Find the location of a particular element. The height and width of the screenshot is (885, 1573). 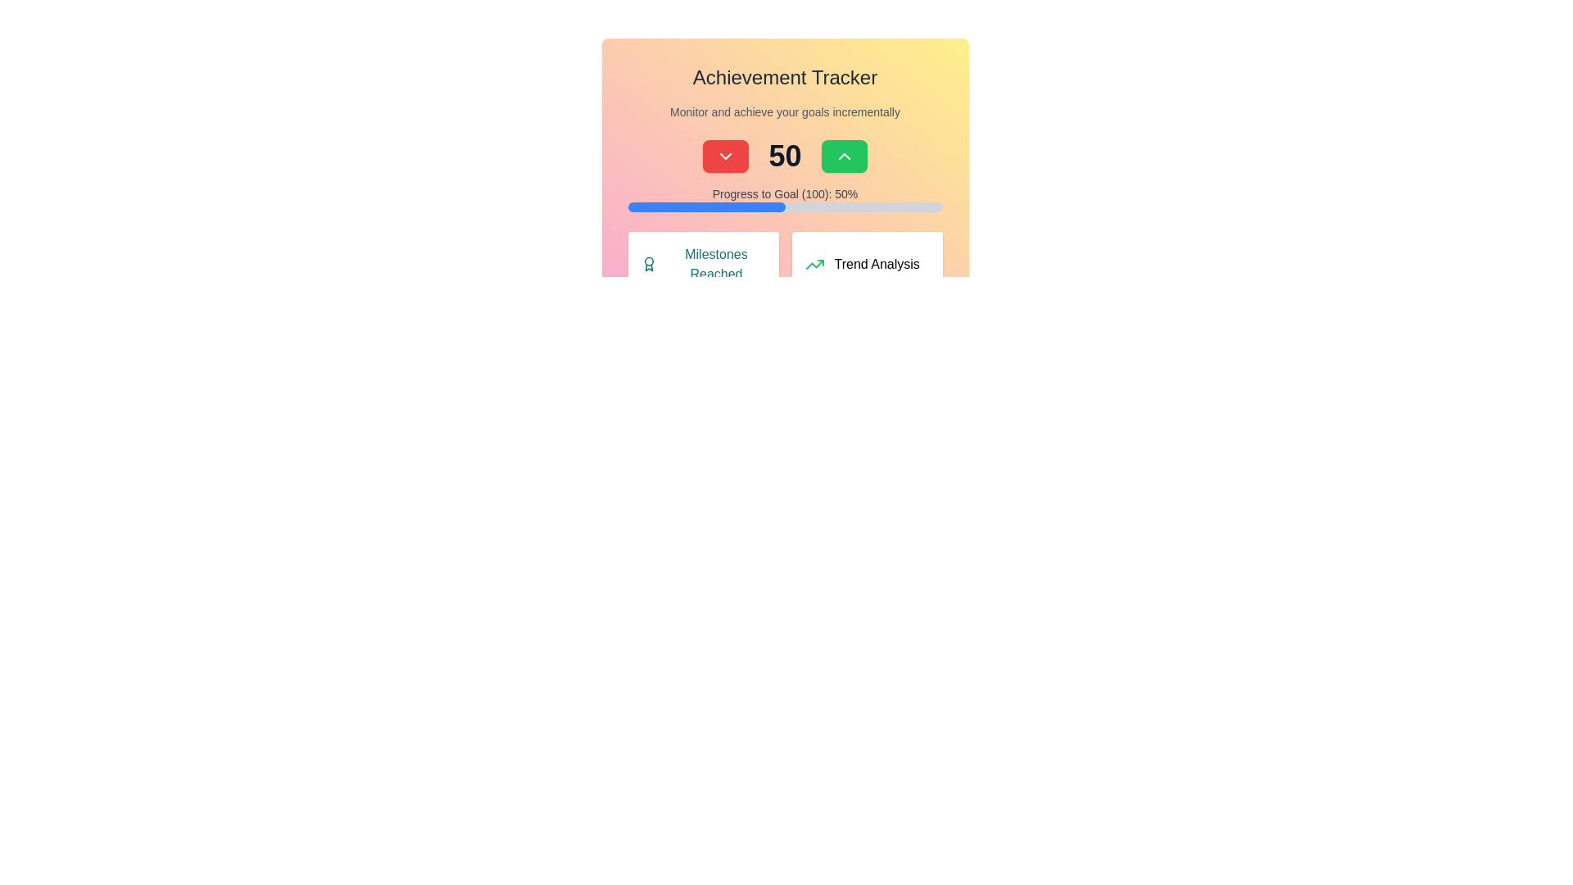

the 'Achievement Tracker' text label which serves as a header for the section, indicating the purpose of the surrounding content is located at coordinates (784, 78).